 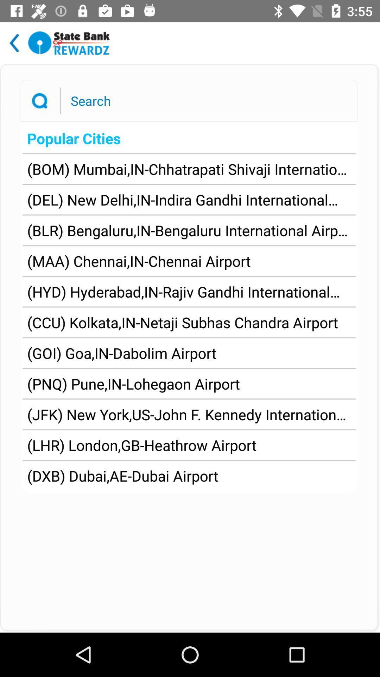 I want to click on go back, so click(x=14, y=43).